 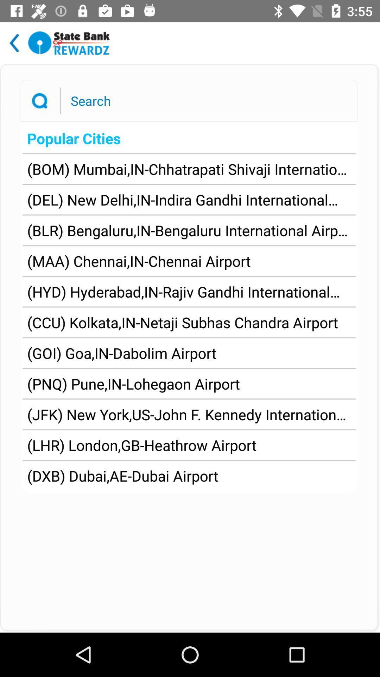 I want to click on go back, so click(x=14, y=43).